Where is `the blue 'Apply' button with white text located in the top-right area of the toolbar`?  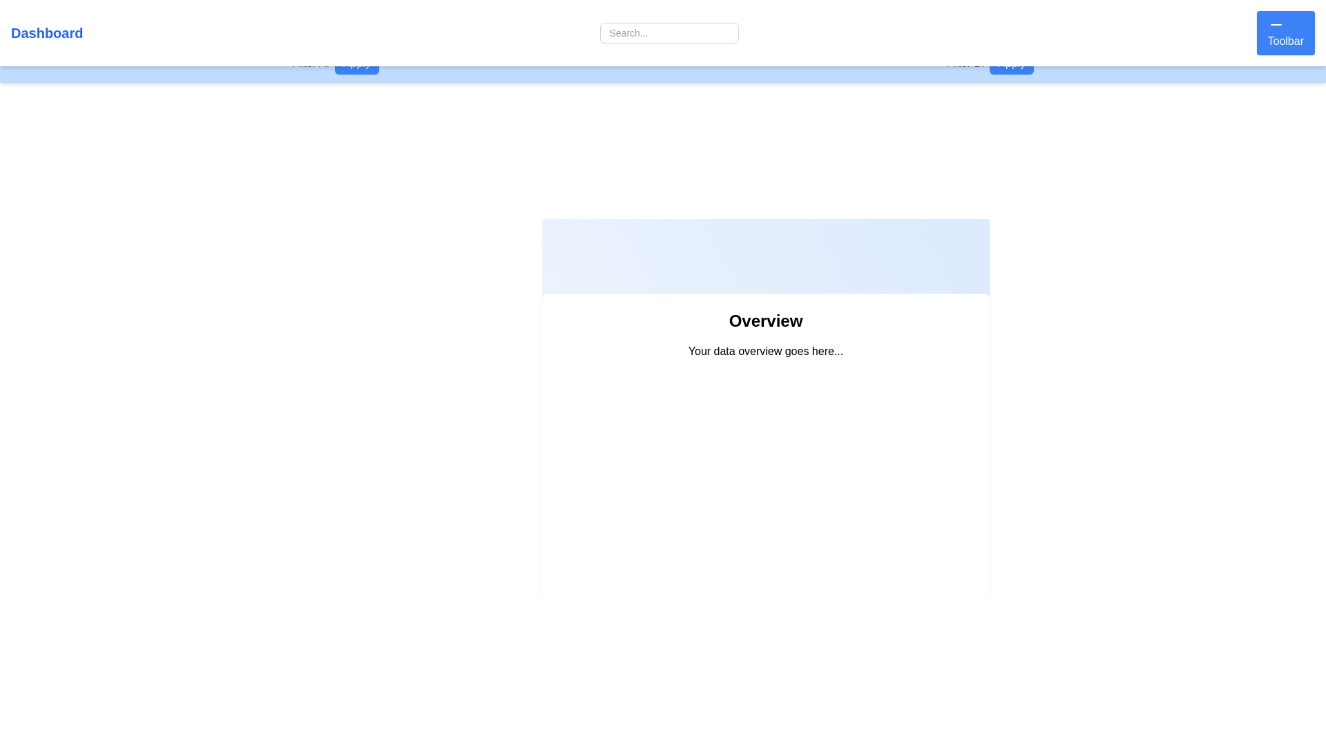
the blue 'Apply' button with white text located in the top-right area of the toolbar is located at coordinates (1012, 64).